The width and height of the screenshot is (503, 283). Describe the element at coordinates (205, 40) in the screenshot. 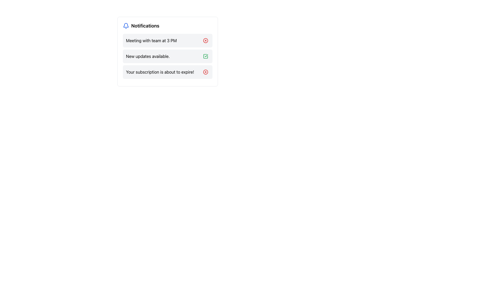

I see `the circular close button with a red border and white background, located at the top-right of the 'Meeting with team at 3 PM' text` at that location.